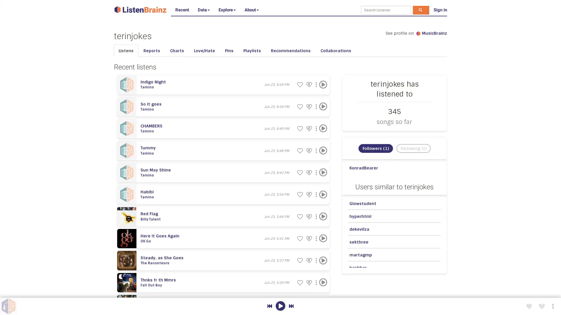 This screenshot has width=561, height=315. Describe the element at coordinates (323, 304) in the screenshot. I see `Play` at that location.